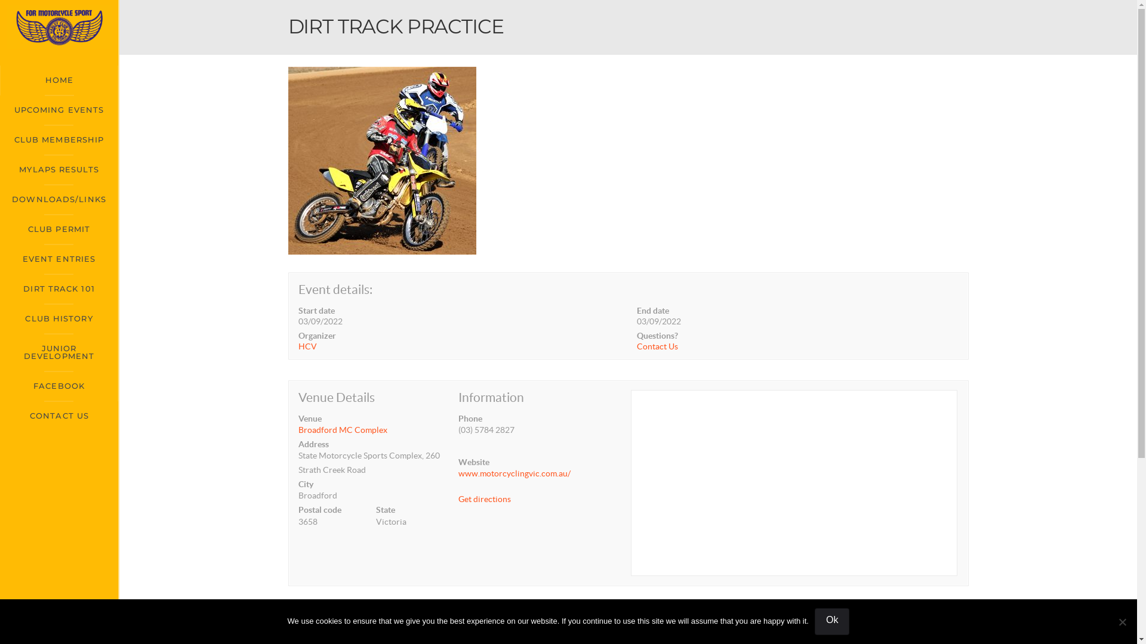 This screenshot has height=644, width=1146. Describe the element at coordinates (0, 80) in the screenshot. I see `'HOME'` at that location.